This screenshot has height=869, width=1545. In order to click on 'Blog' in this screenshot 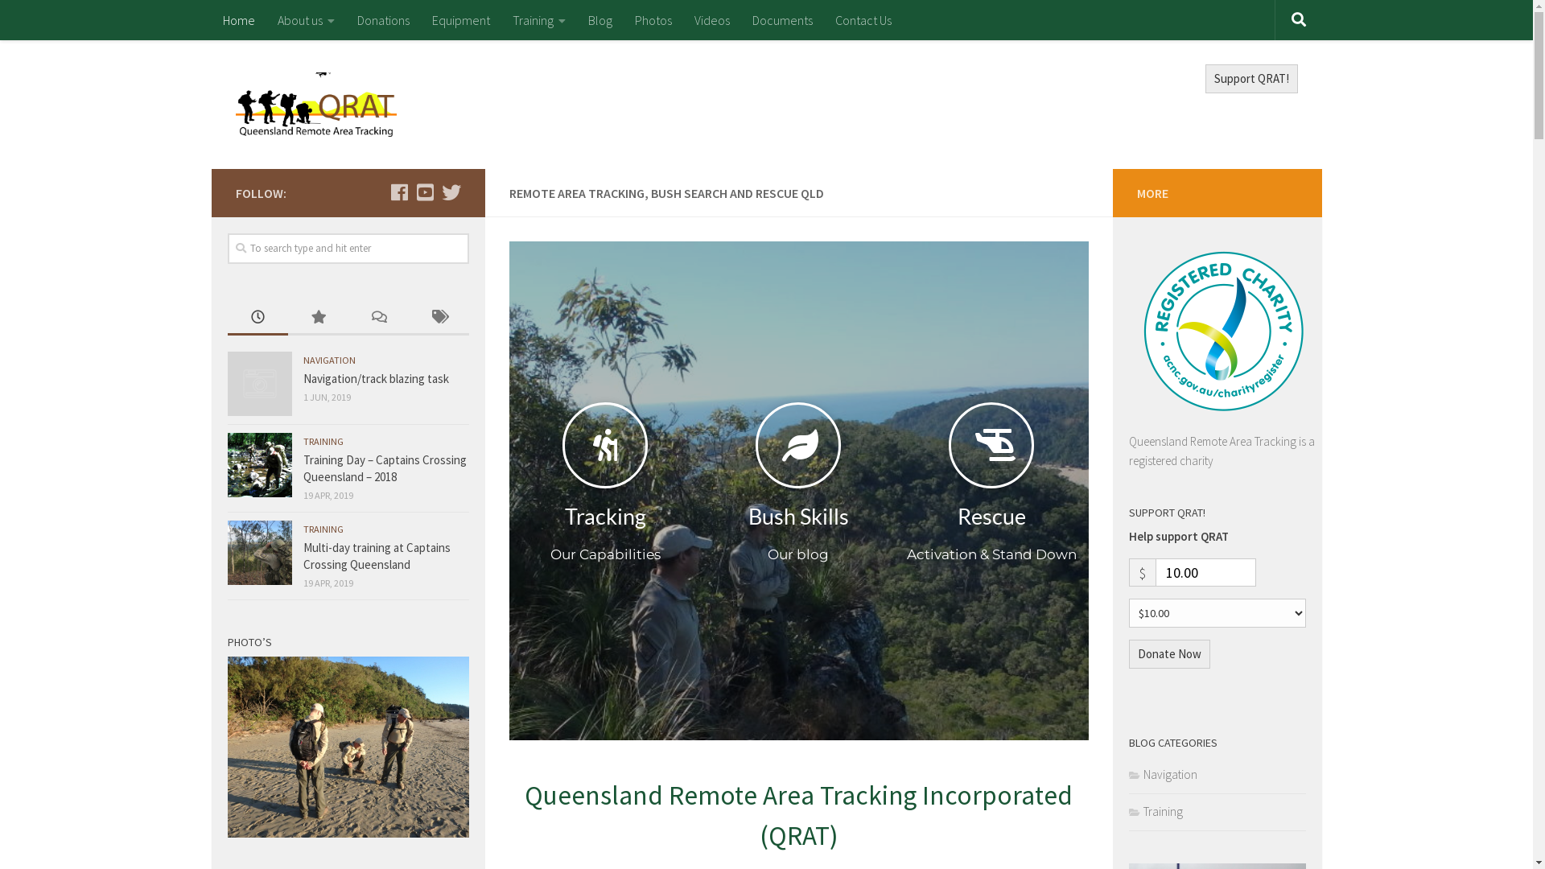, I will do `click(598, 19)`.